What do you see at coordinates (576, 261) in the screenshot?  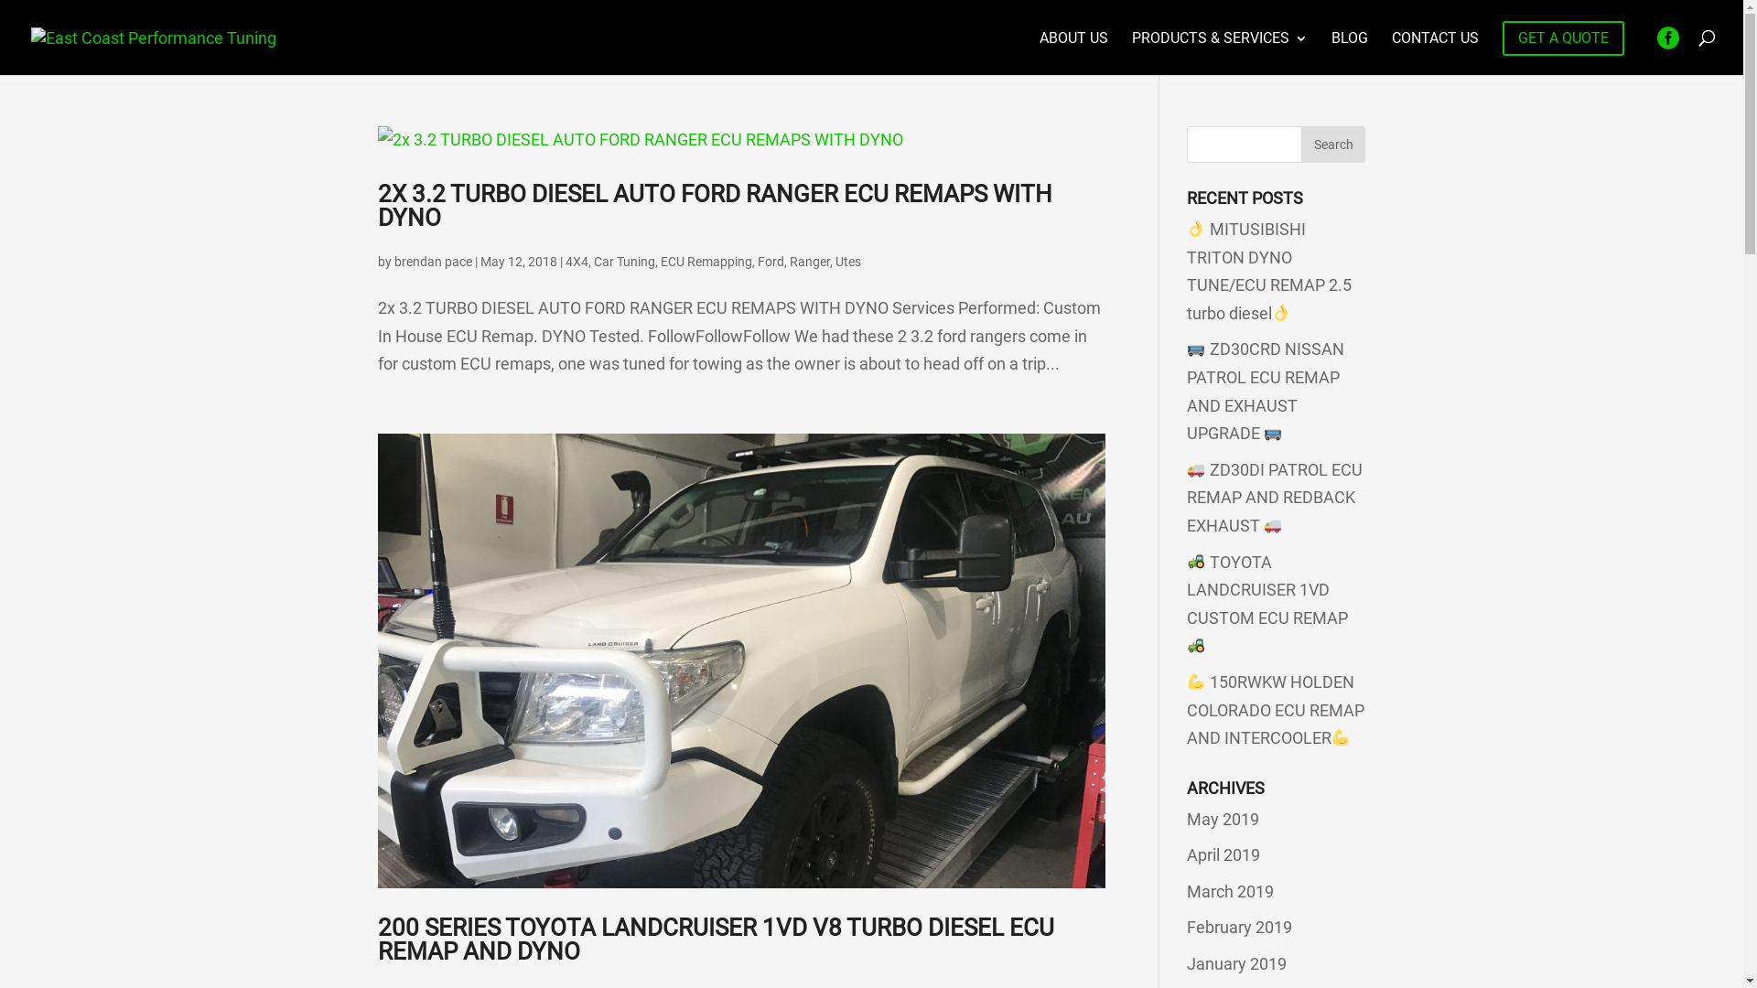 I see `'4X4'` at bounding box center [576, 261].